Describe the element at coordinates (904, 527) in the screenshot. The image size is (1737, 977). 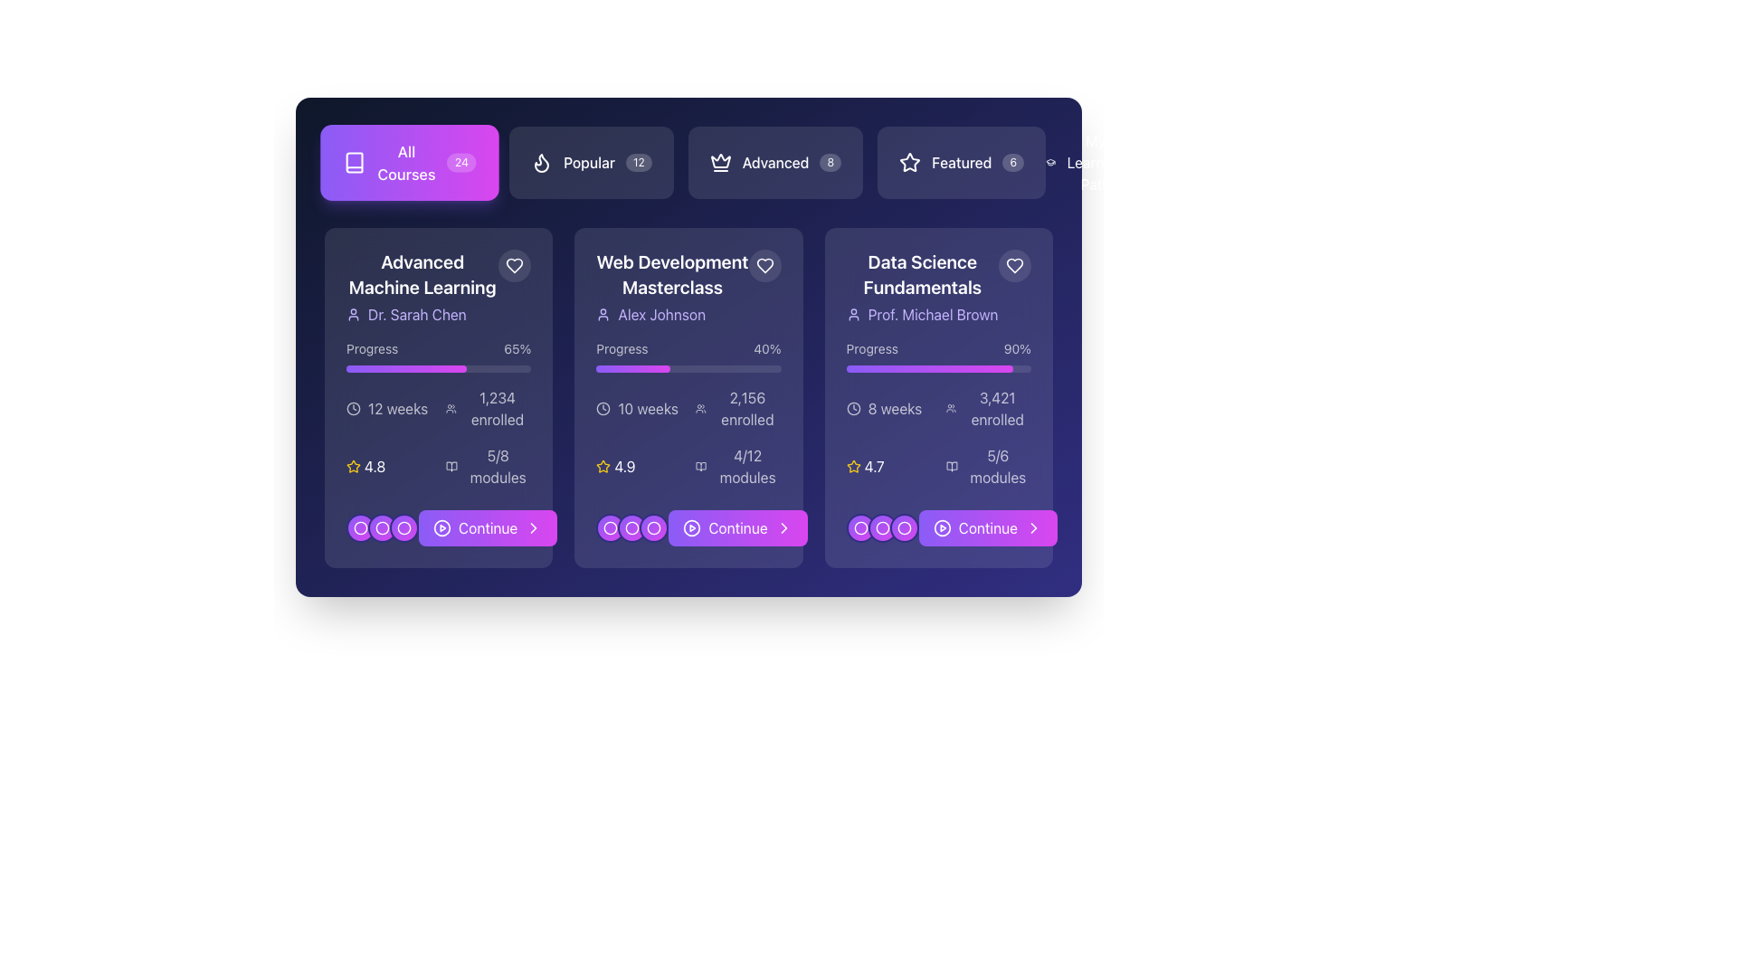
I see `the third circular icon within the 'Data Science Fundamentals' card, which is a purple icon with a white circular border` at that location.